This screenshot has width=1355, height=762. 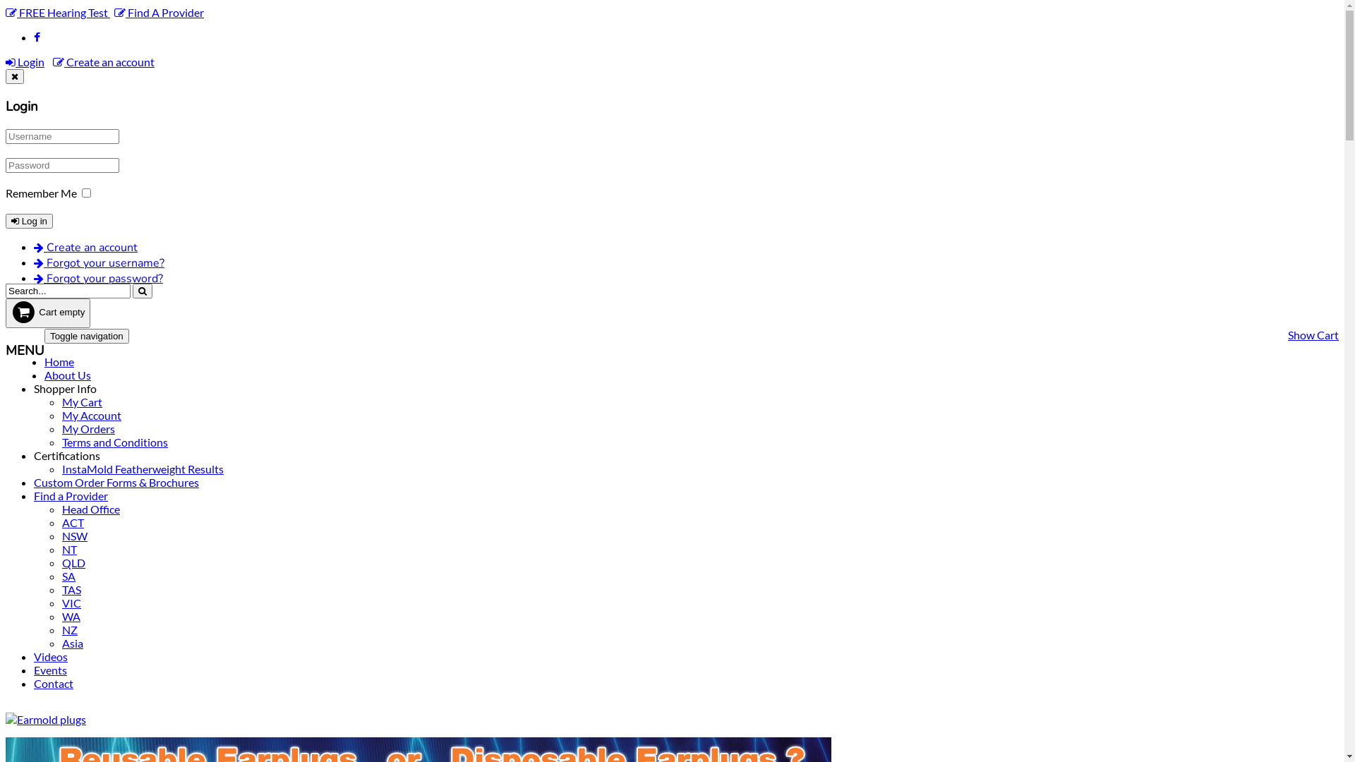 What do you see at coordinates (58, 361) in the screenshot?
I see `'Home'` at bounding box center [58, 361].